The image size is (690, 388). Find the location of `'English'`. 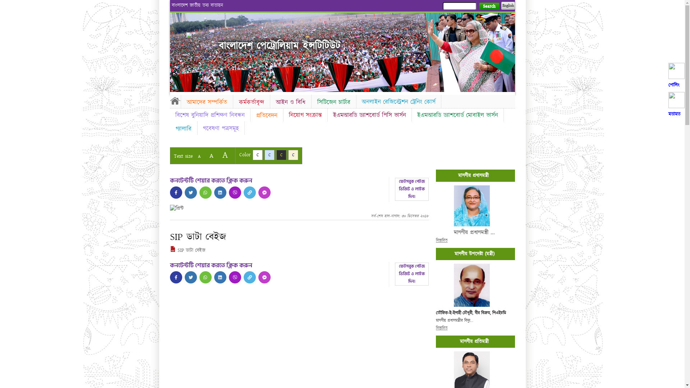

'English' is located at coordinates (500, 5).